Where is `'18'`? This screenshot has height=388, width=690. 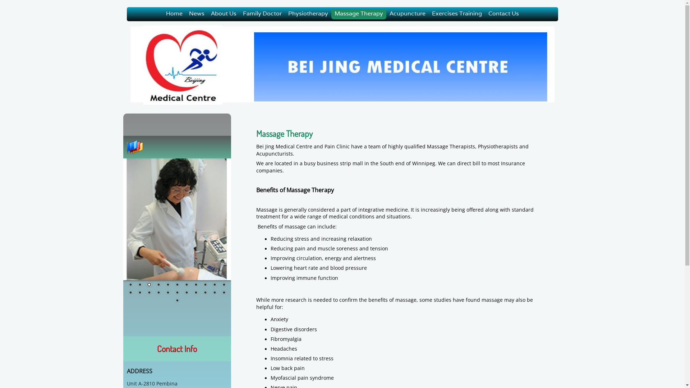 '18' is located at coordinates (186, 293).